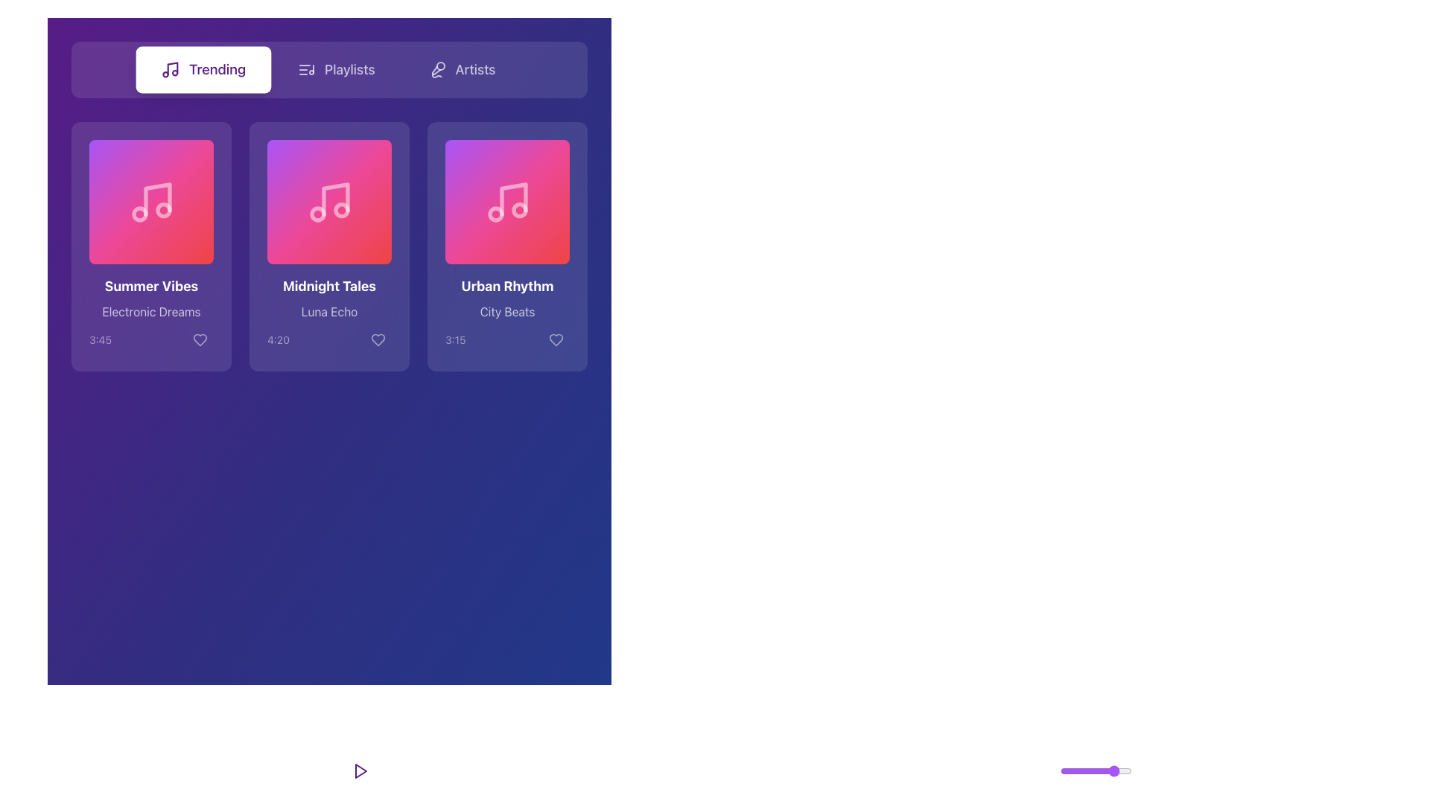 Image resolution: width=1430 pixels, height=804 pixels. Describe the element at coordinates (151, 246) in the screenshot. I see `the first music card component in the grid layout` at that location.